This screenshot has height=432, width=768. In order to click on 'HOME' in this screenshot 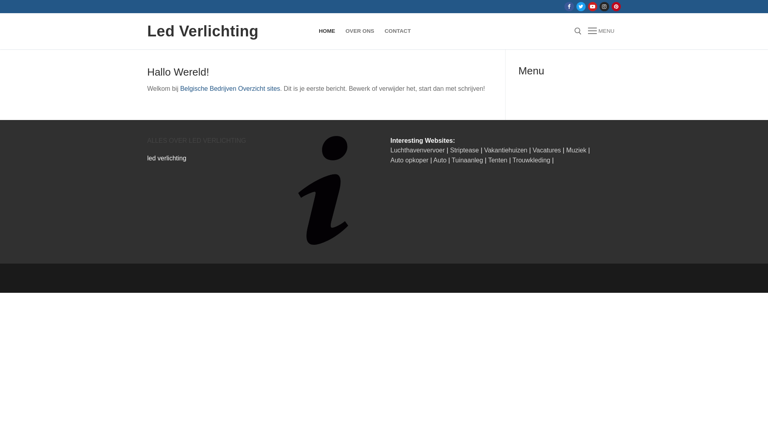, I will do `click(313, 30)`.